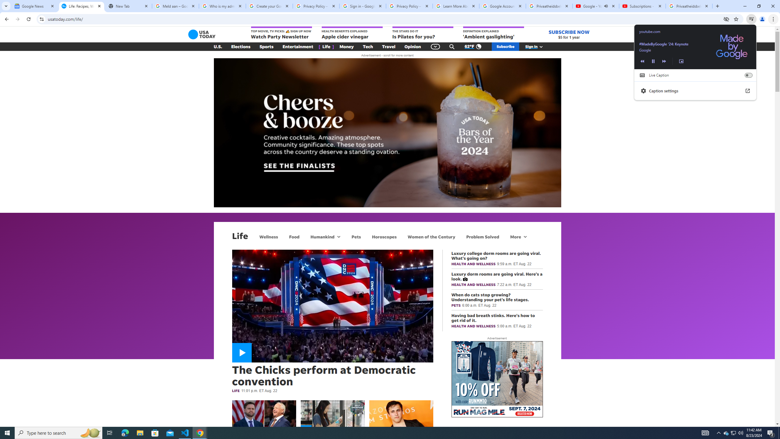 This screenshot has width=780, height=439. What do you see at coordinates (218, 47) in the screenshot?
I see `'U.S.'` at bounding box center [218, 47].